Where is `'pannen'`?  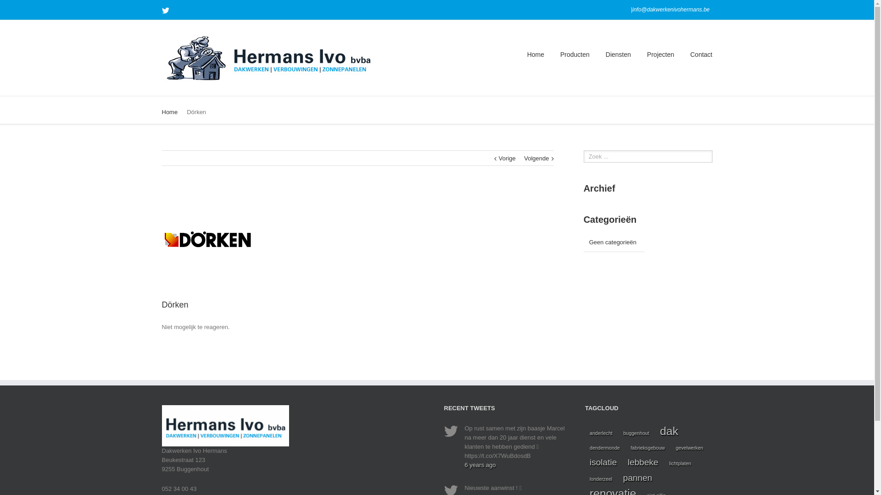 'pannen' is located at coordinates (637, 477).